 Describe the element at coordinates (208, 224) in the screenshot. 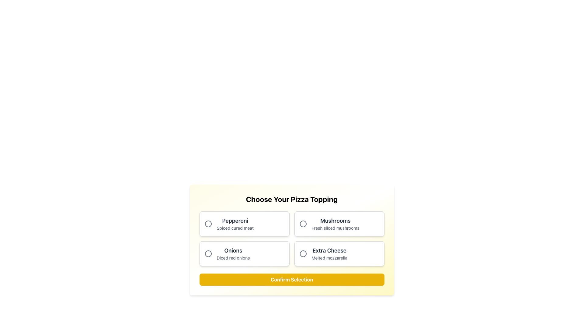

I see `the circular radio button in the 'Pepperoni' card` at that location.